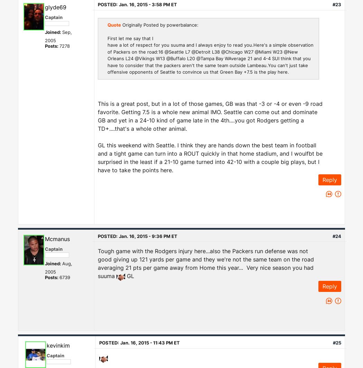  I want to click on 'Jan. 16, 2015 - 3:58 PM ET', so click(147, 4).